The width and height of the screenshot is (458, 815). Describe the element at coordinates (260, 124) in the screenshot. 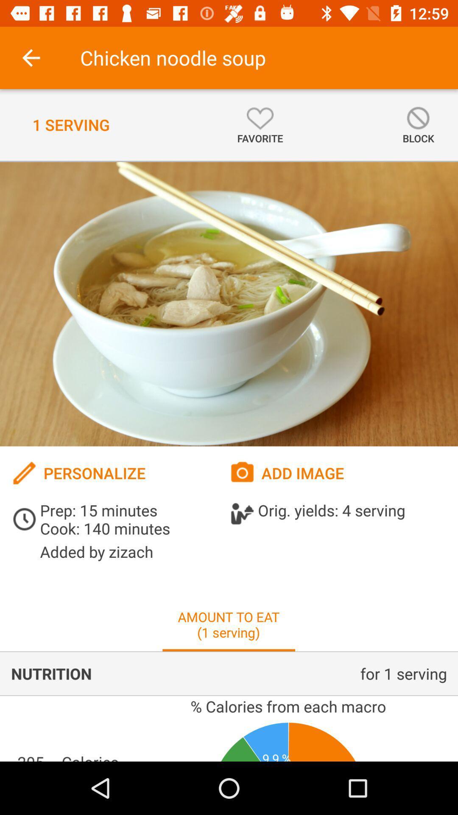

I see `favorite icon` at that location.